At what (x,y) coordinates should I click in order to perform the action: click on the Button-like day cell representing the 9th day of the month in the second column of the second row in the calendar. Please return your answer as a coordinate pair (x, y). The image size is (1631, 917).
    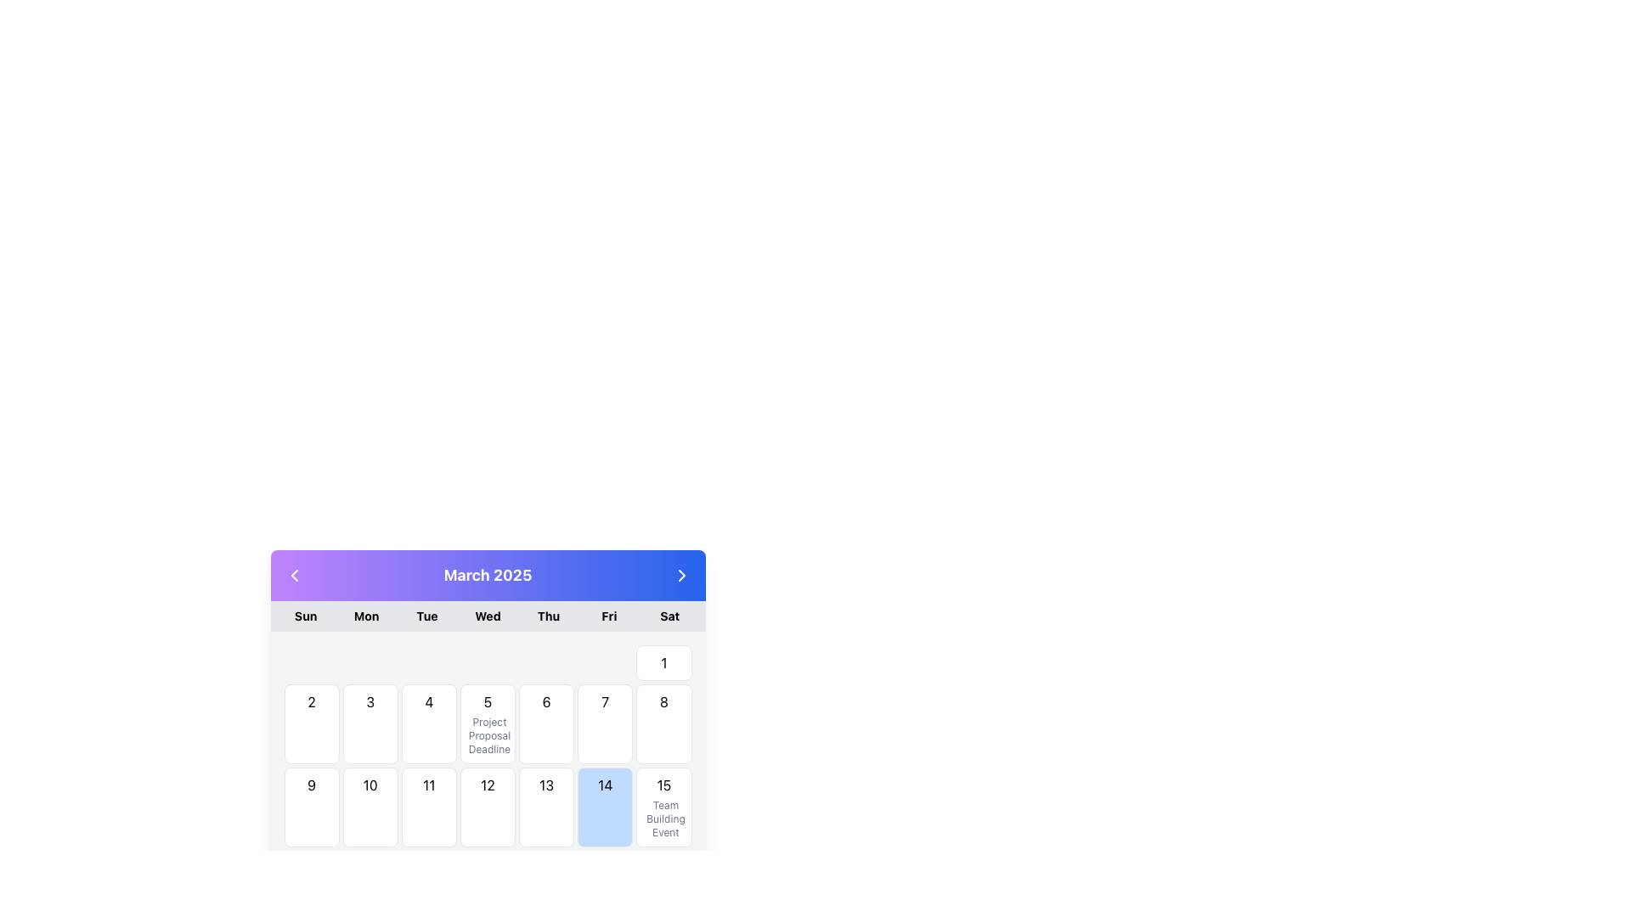
    Looking at the image, I should click on (312, 807).